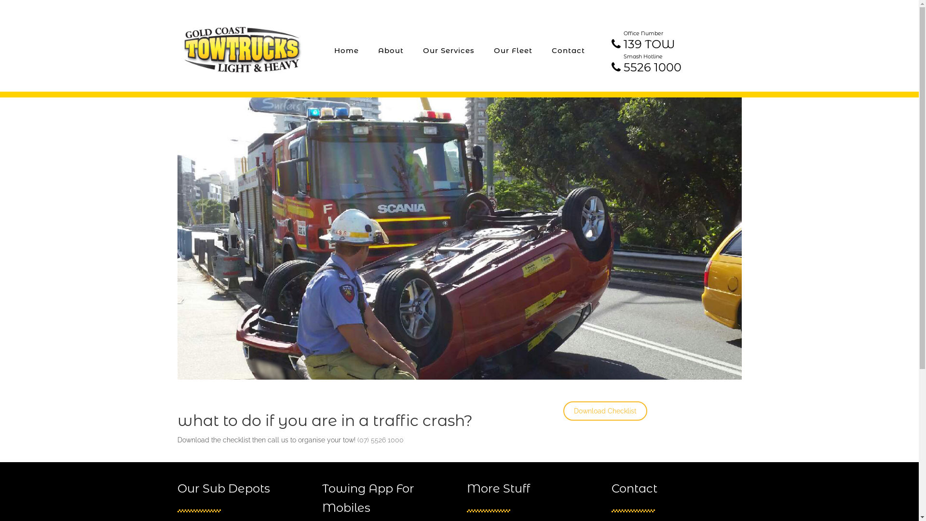  What do you see at coordinates (513, 50) in the screenshot?
I see `'Our Fleet'` at bounding box center [513, 50].